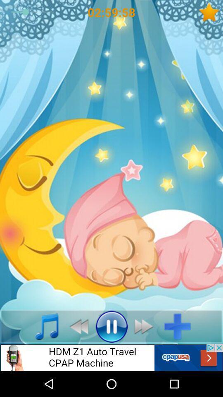 Image resolution: width=223 pixels, height=397 pixels. Describe the element at coordinates (111, 326) in the screenshot. I see `play` at that location.